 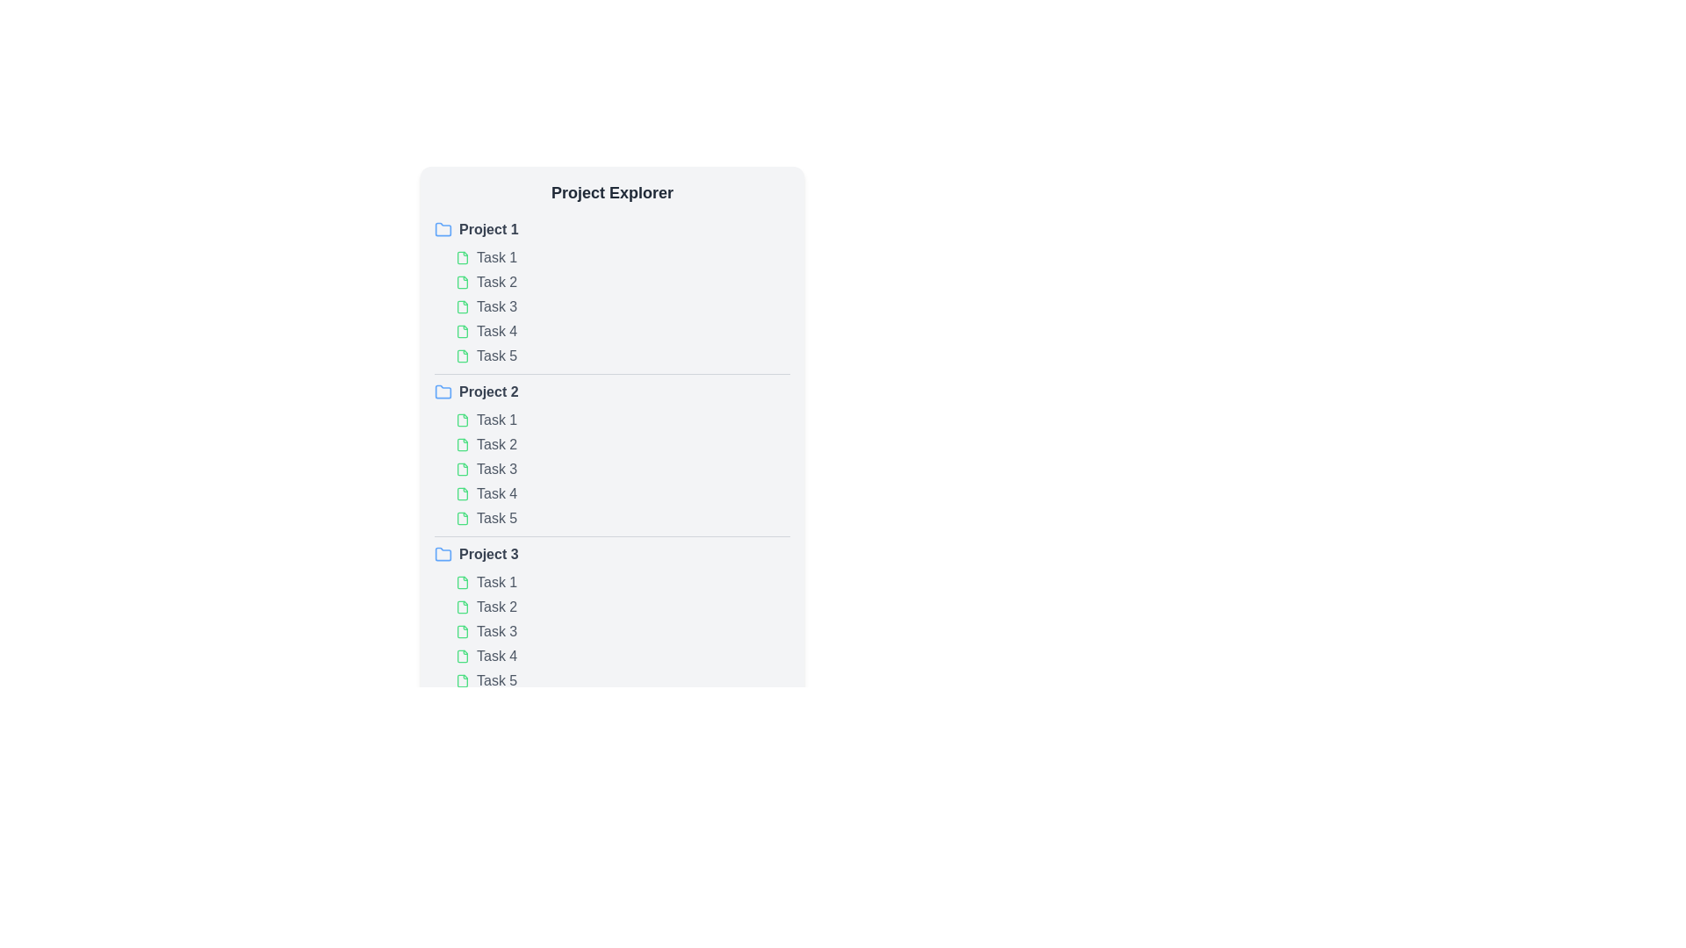 I want to click on the light green file icon representing 'Task 3' in the project explorer, which is part of the third project section, so click(x=463, y=632).